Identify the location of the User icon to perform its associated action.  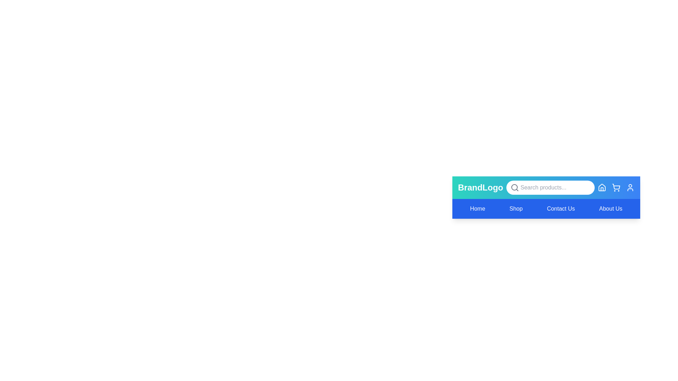
(630, 187).